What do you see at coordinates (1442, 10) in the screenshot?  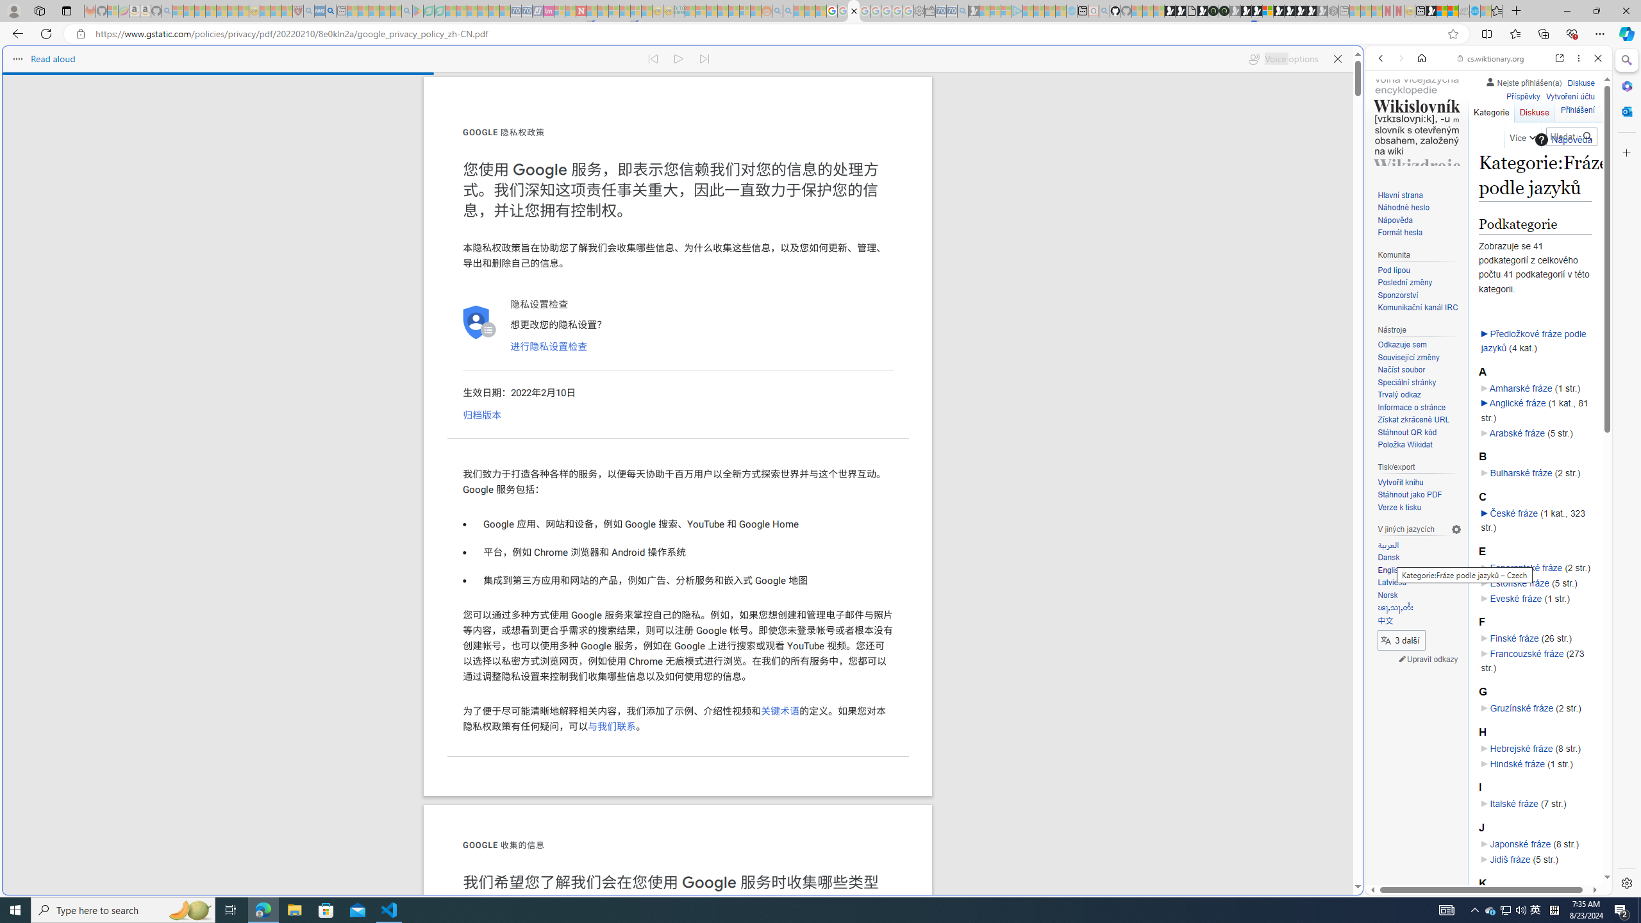 I see `'World - MSN'` at bounding box center [1442, 10].